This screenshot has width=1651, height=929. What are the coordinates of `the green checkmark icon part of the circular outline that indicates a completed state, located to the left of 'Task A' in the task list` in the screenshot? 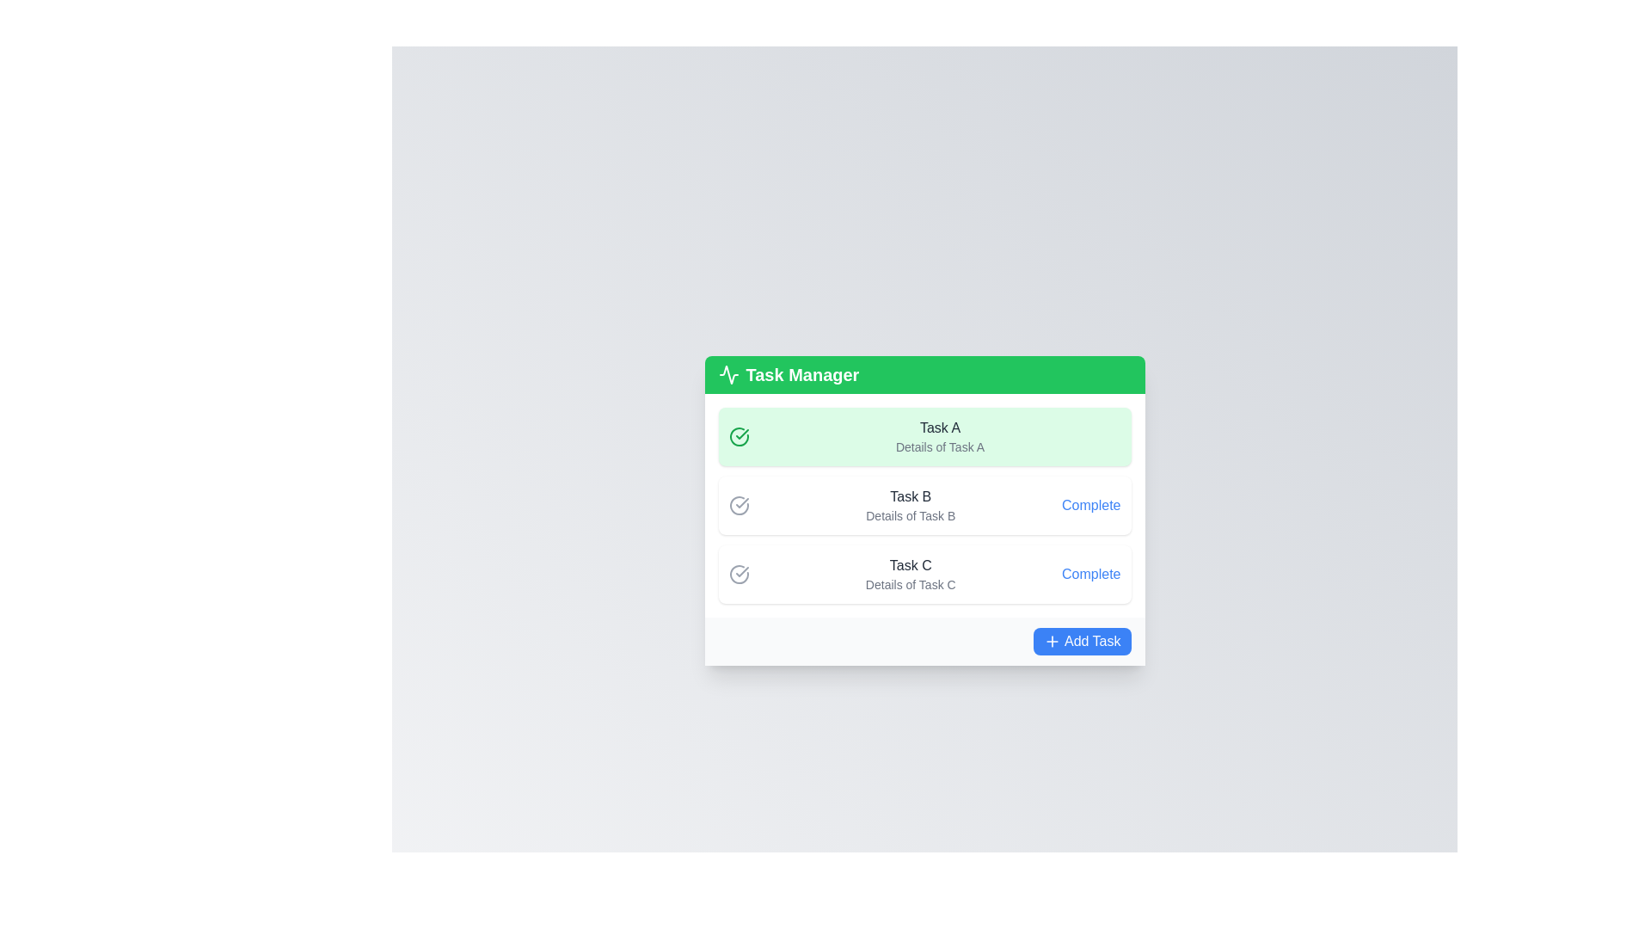 It's located at (742, 434).